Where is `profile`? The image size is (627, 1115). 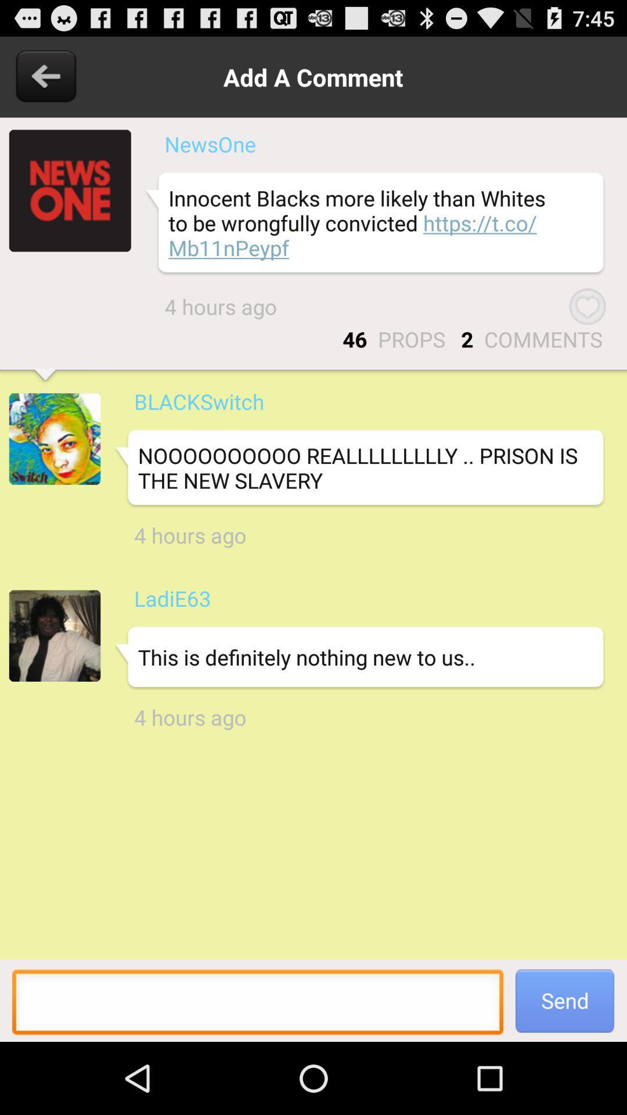 profile is located at coordinates (70, 190).